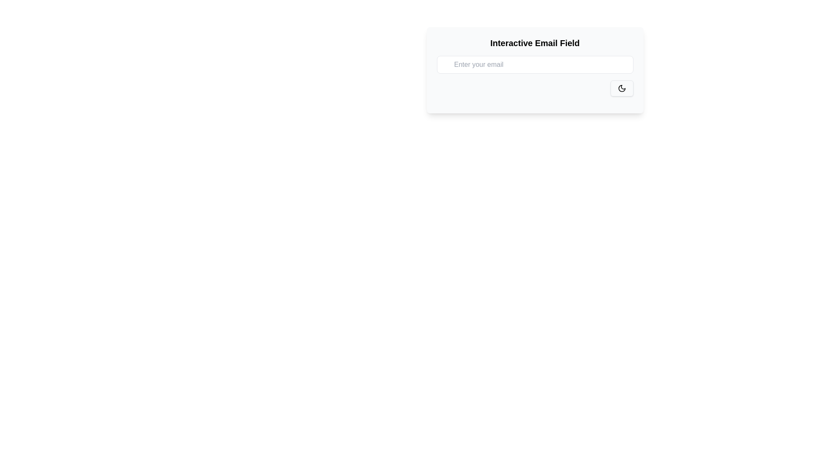  What do you see at coordinates (534, 43) in the screenshot?
I see `the 'Interactive Email Field' text label, which is styled in bold and centered black font at the top of a card-like interface section` at bounding box center [534, 43].